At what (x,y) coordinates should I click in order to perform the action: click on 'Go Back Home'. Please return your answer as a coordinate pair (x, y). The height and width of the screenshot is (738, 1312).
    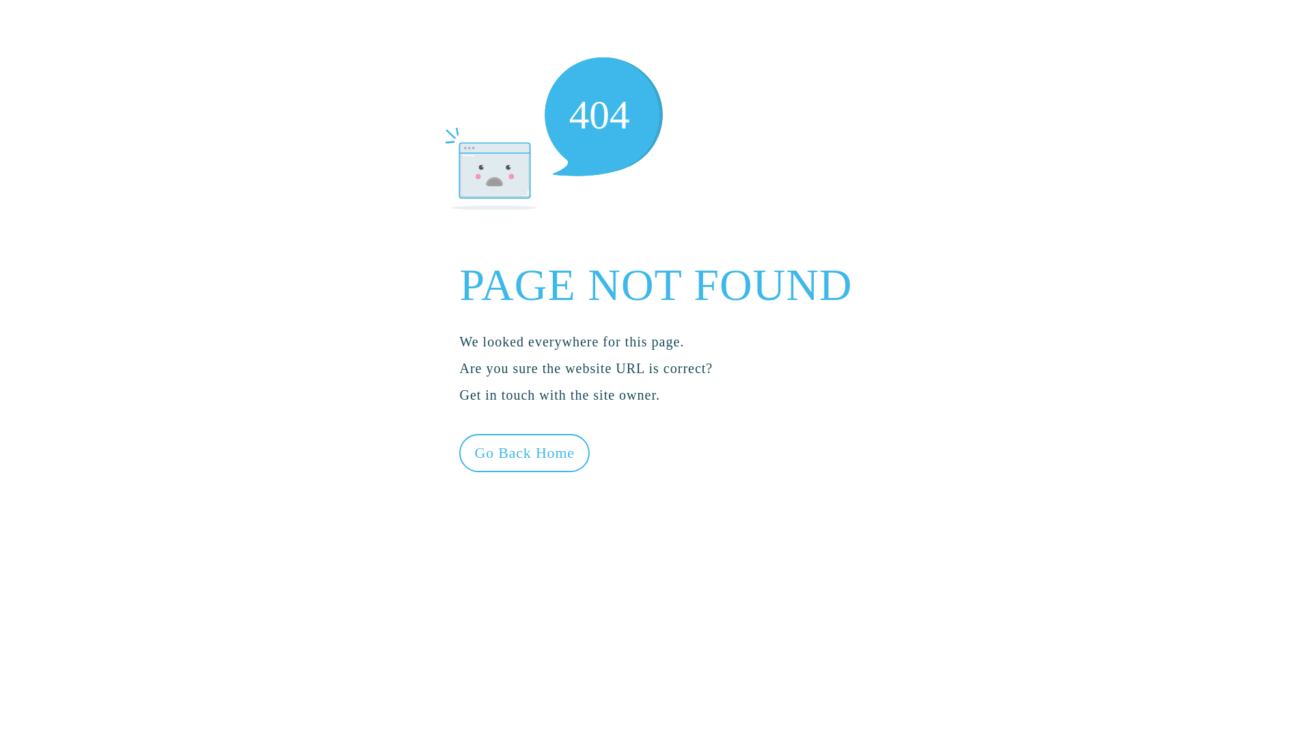
    Looking at the image, I should click on (459, 453).